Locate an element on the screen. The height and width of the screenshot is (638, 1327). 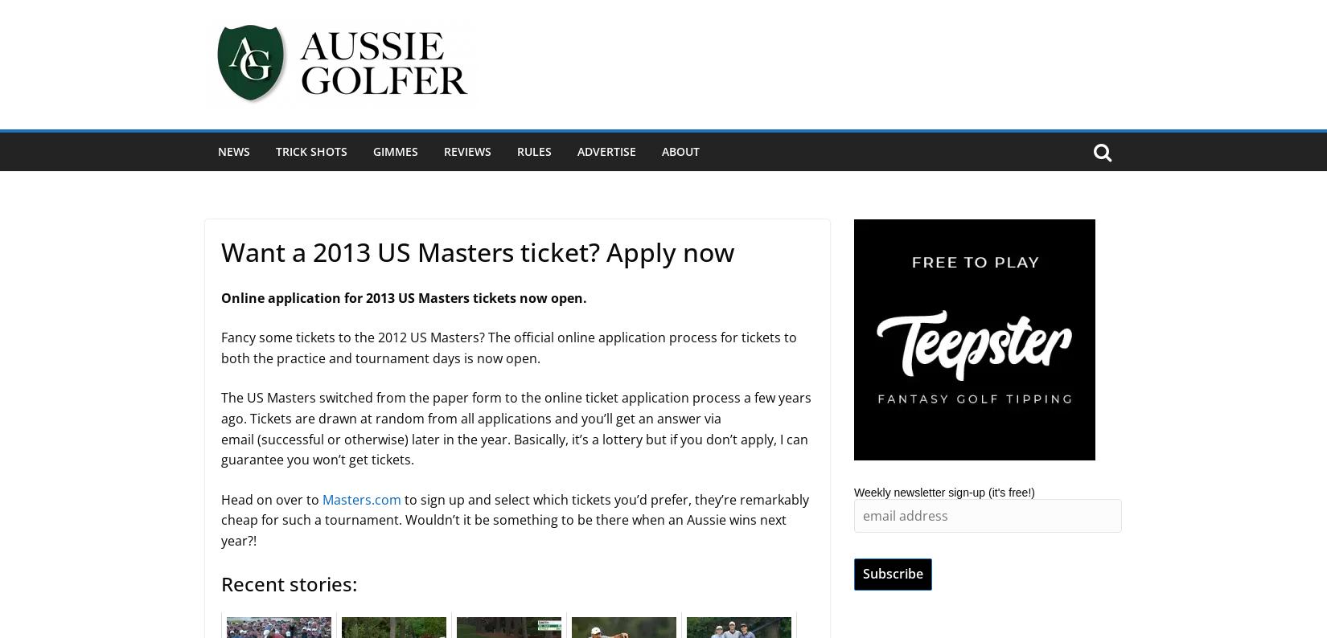
'Head on over to' is located at coordinates (271, 498).